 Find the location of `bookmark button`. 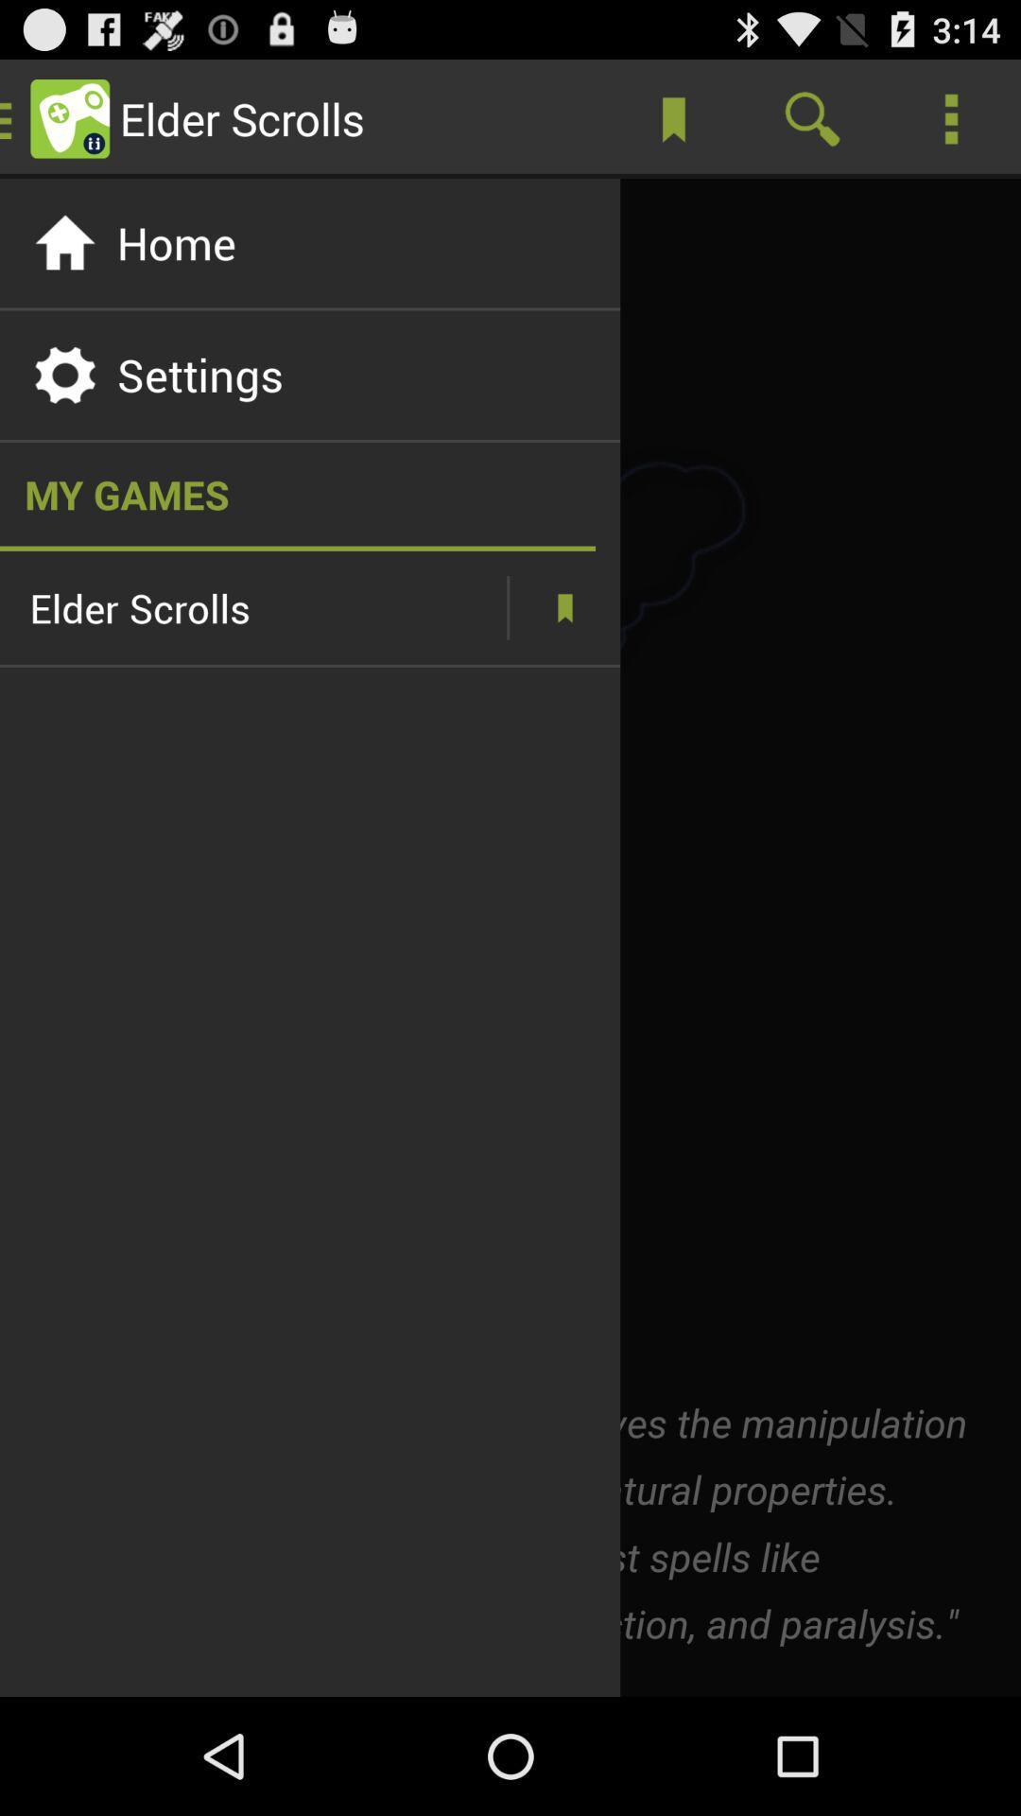

bookmark button is located at coordinates (563, 607).